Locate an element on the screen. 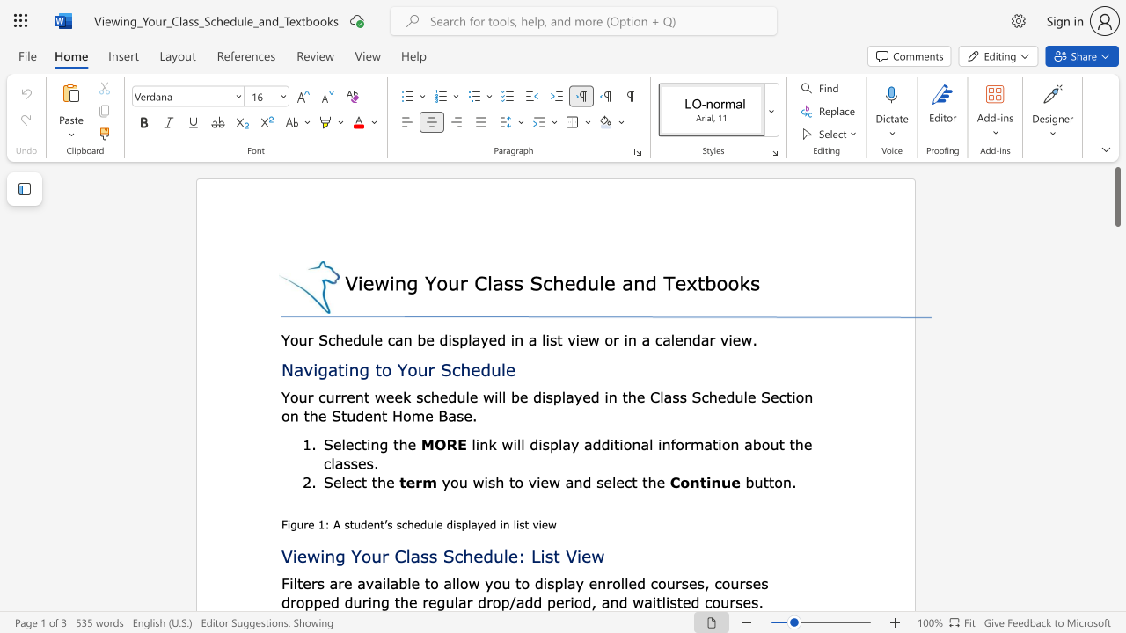 The height and width of the screenshot is (633, 1126). the scrollbar on the right is located at coordinates (1116, 325).